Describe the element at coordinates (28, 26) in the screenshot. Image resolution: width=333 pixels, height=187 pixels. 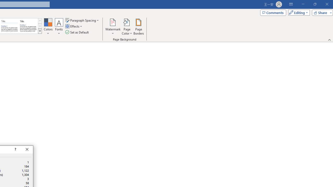
I see `'Word 2013'` at that location.